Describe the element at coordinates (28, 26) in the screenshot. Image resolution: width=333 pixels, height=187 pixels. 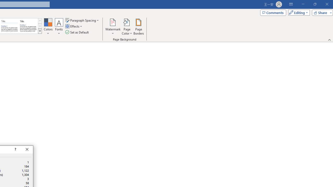
I see `'Word 2013'` at that location.